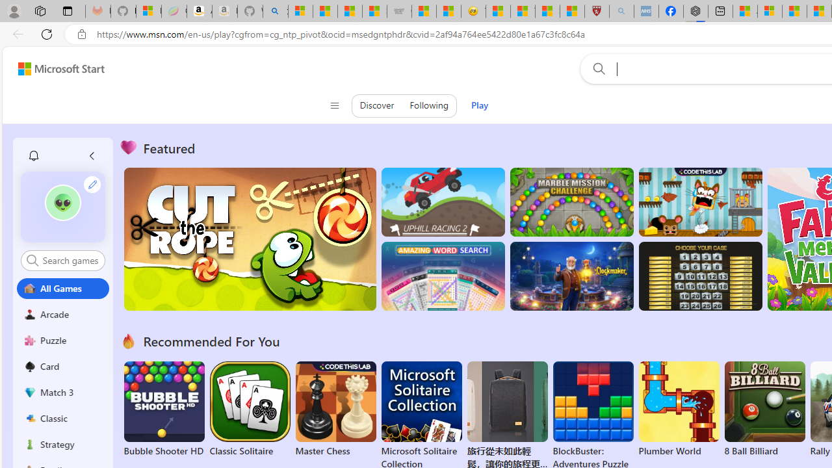 This screenshot has width=832, height=468. Describe the element at coordinates (764, 409) in the screenshot. I see `'8 Ball Billiard'` at that location.